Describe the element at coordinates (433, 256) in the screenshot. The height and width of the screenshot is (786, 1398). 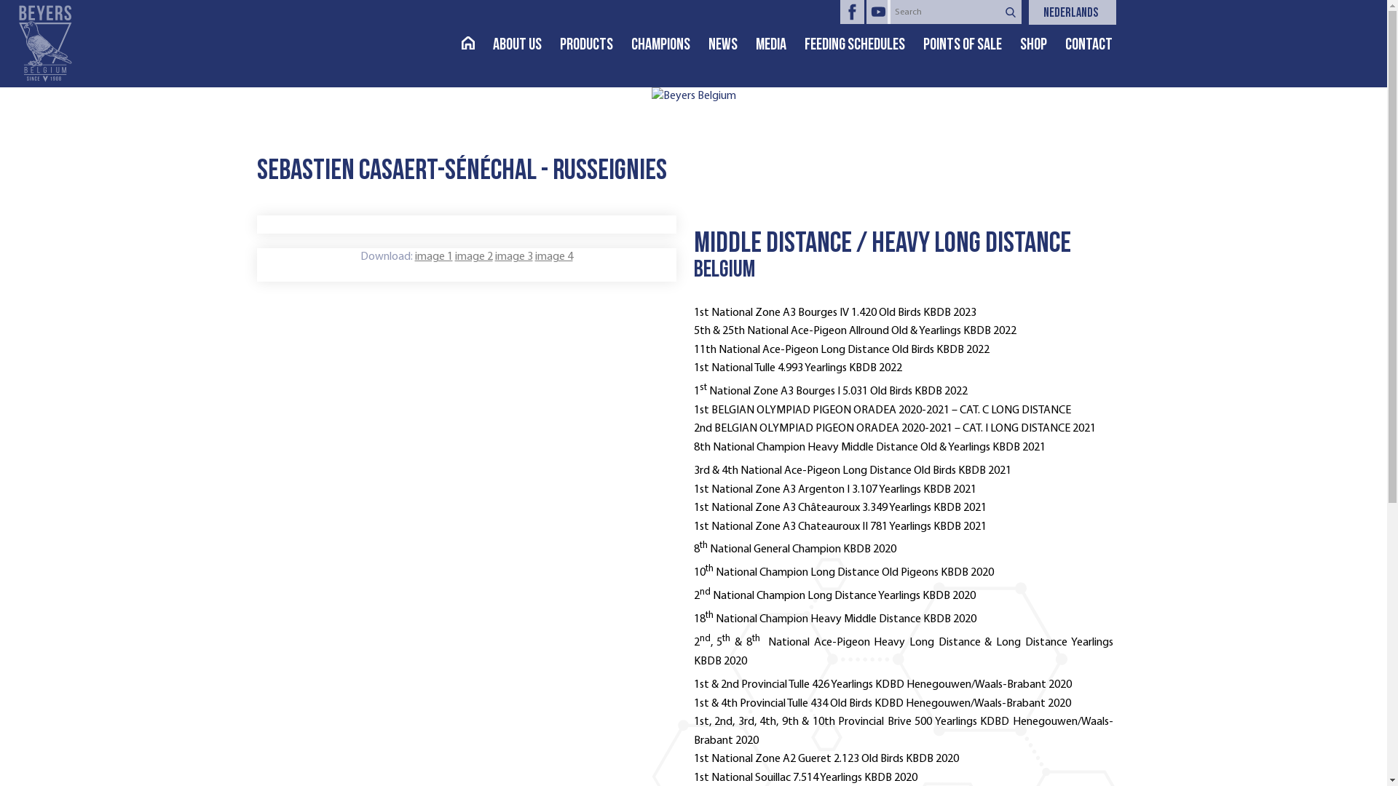
I see `'image 1'` at that location.